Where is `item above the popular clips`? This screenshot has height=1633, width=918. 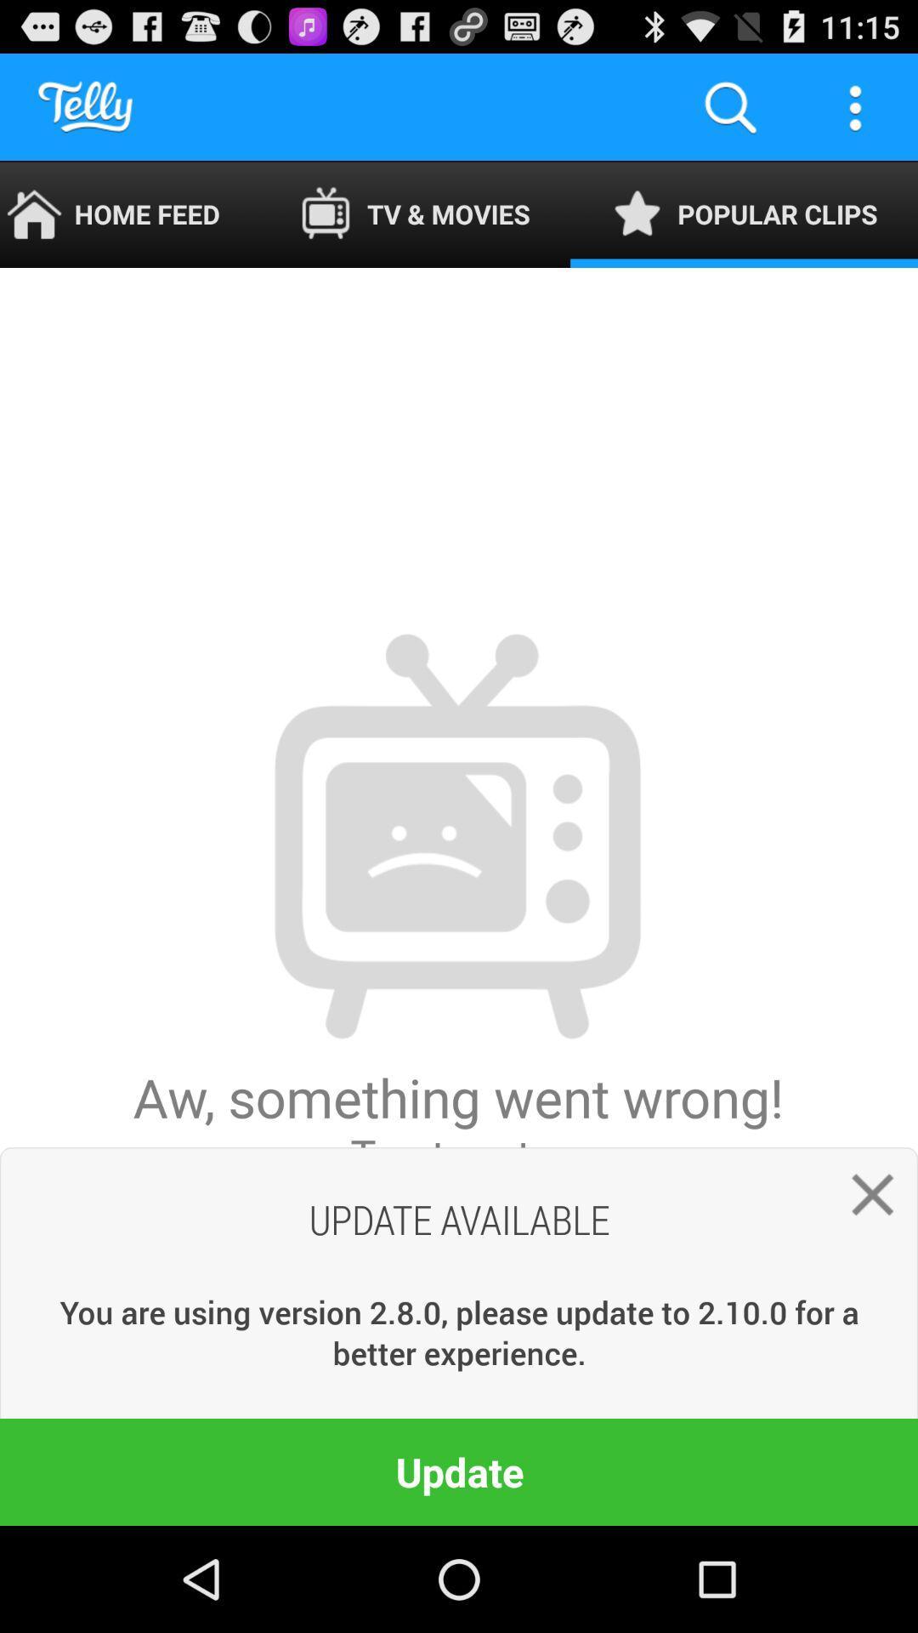 item above the popular clips is located at coordinates (855, 105).